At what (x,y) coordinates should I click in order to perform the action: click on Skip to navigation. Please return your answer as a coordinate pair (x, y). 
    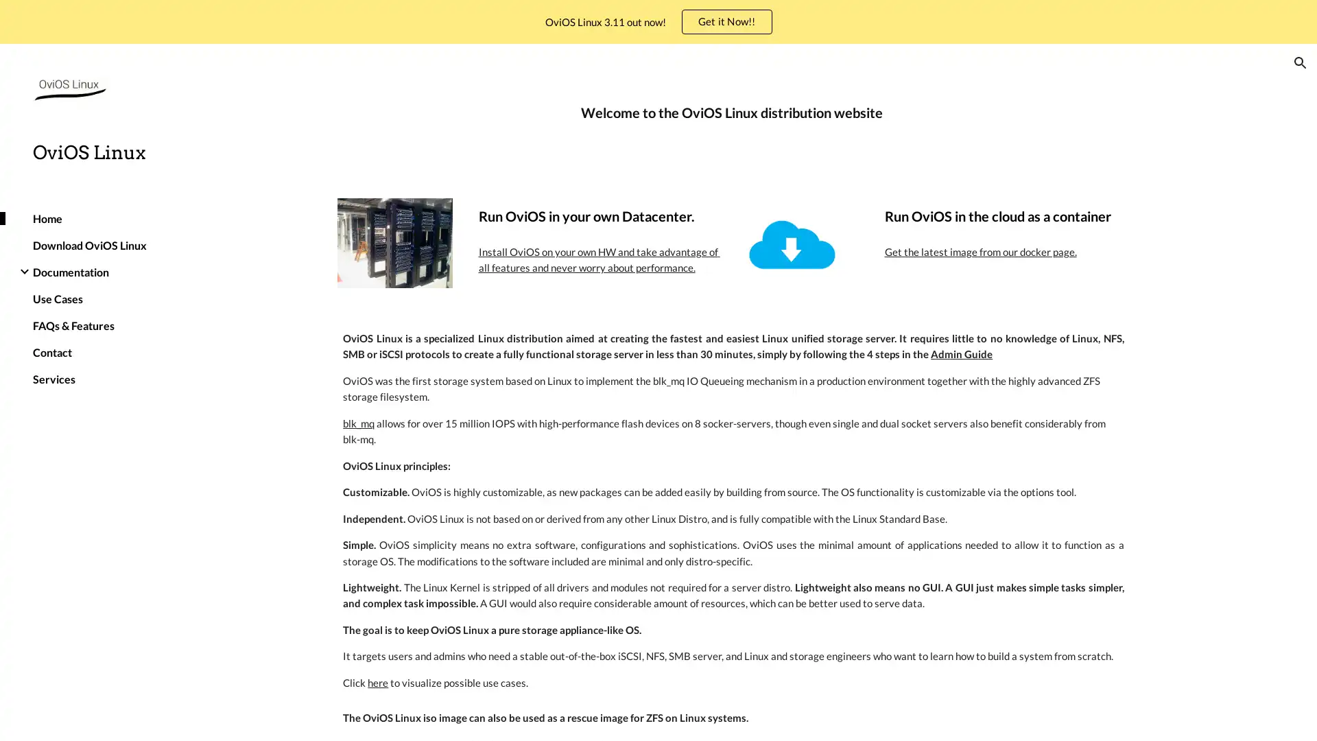
    Looking at the image, I should click on (781, 25).